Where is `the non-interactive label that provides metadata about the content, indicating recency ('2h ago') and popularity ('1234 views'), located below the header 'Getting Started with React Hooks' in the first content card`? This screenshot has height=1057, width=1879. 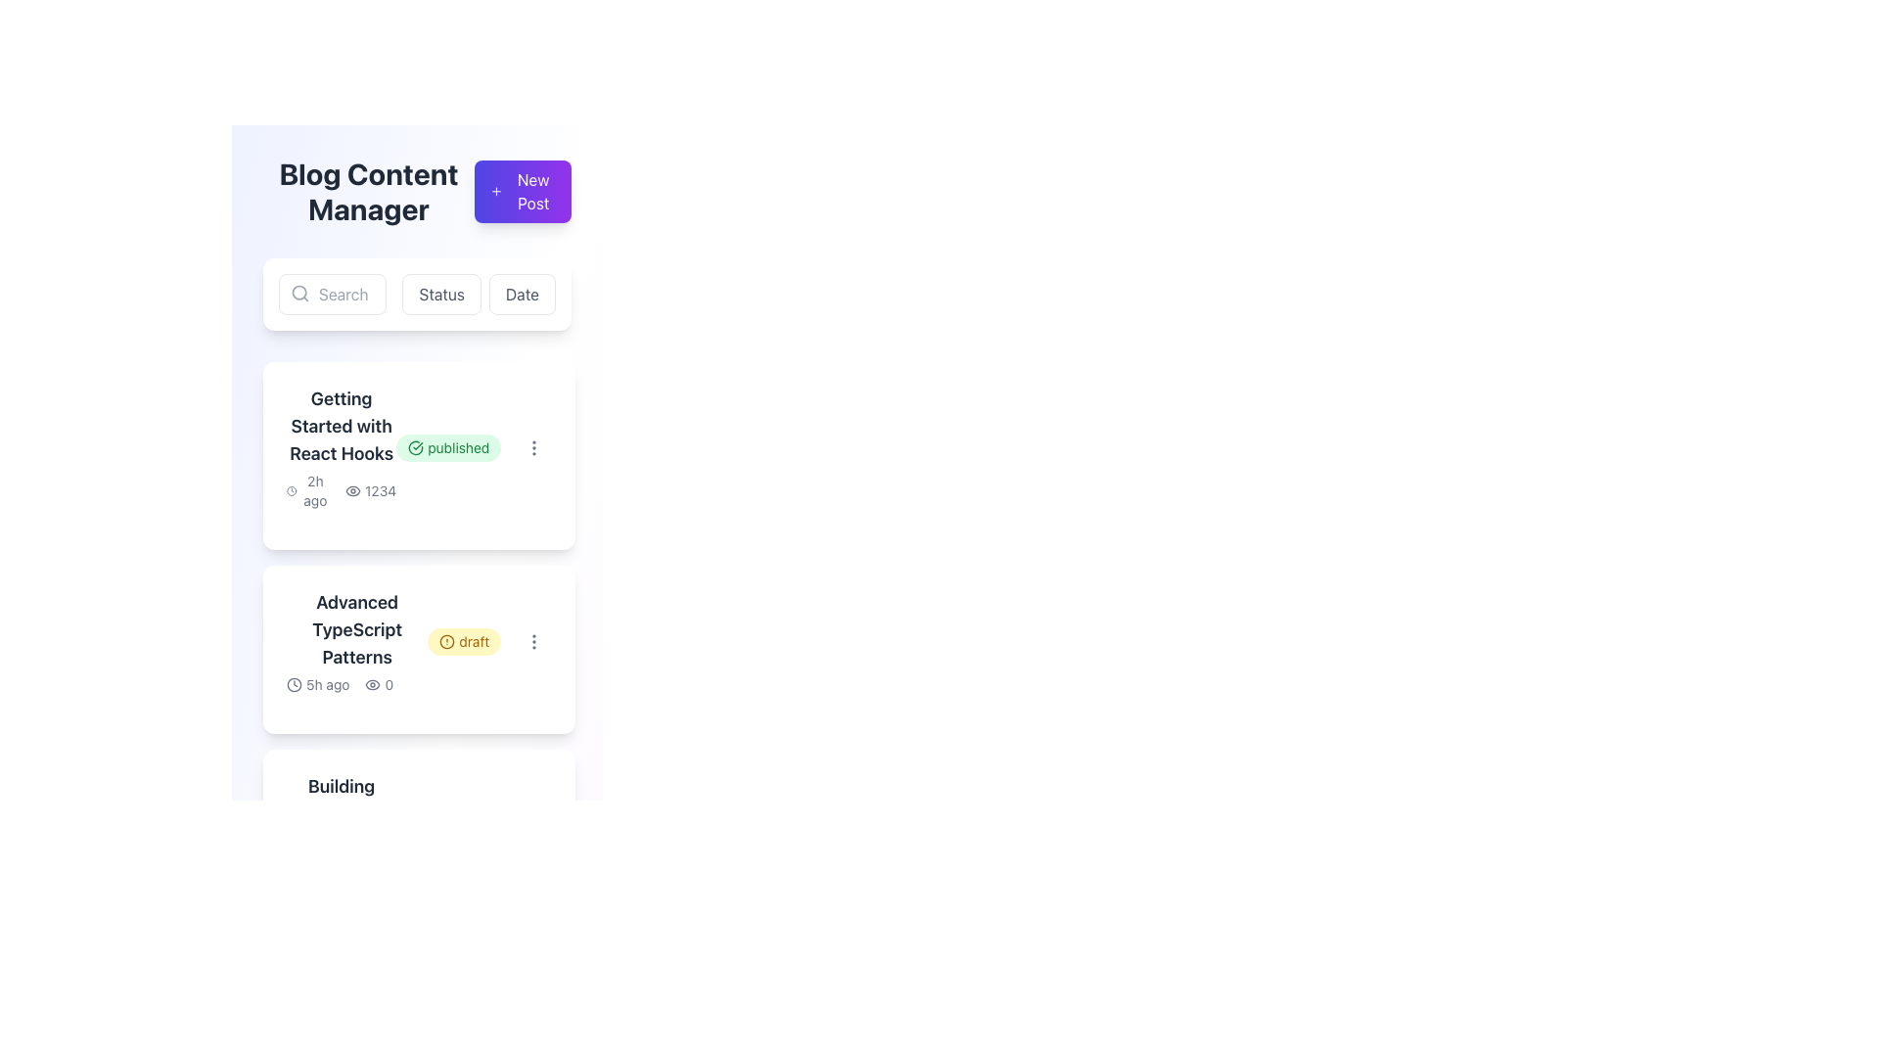 the non-interactive label that provides metadata about the content, indicating recency ('2h ago') and popularity ('1234 views'), located below the header 'Getting Started with React Hooks' in the first content card is located at coordinates (342, 489).